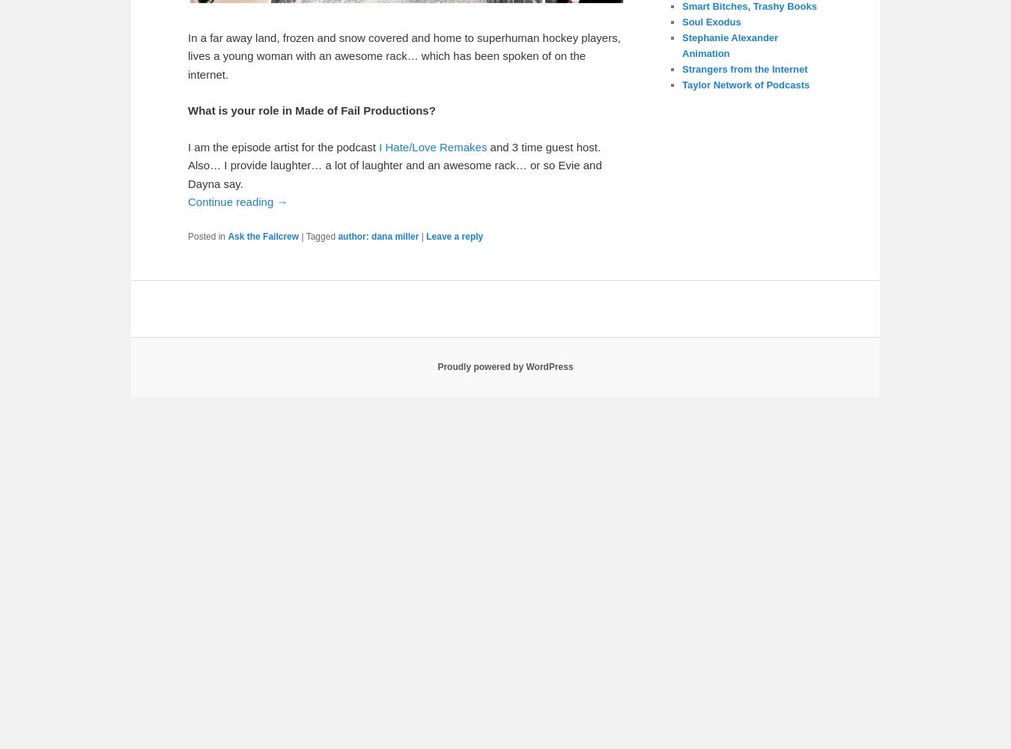 Image resolution: width=1011 pixels, height=749 pixels. What do you see at coordinates (710, 21) in the screenshot?
I see `'Soul Exodus'` at bounding box center [710, 21].